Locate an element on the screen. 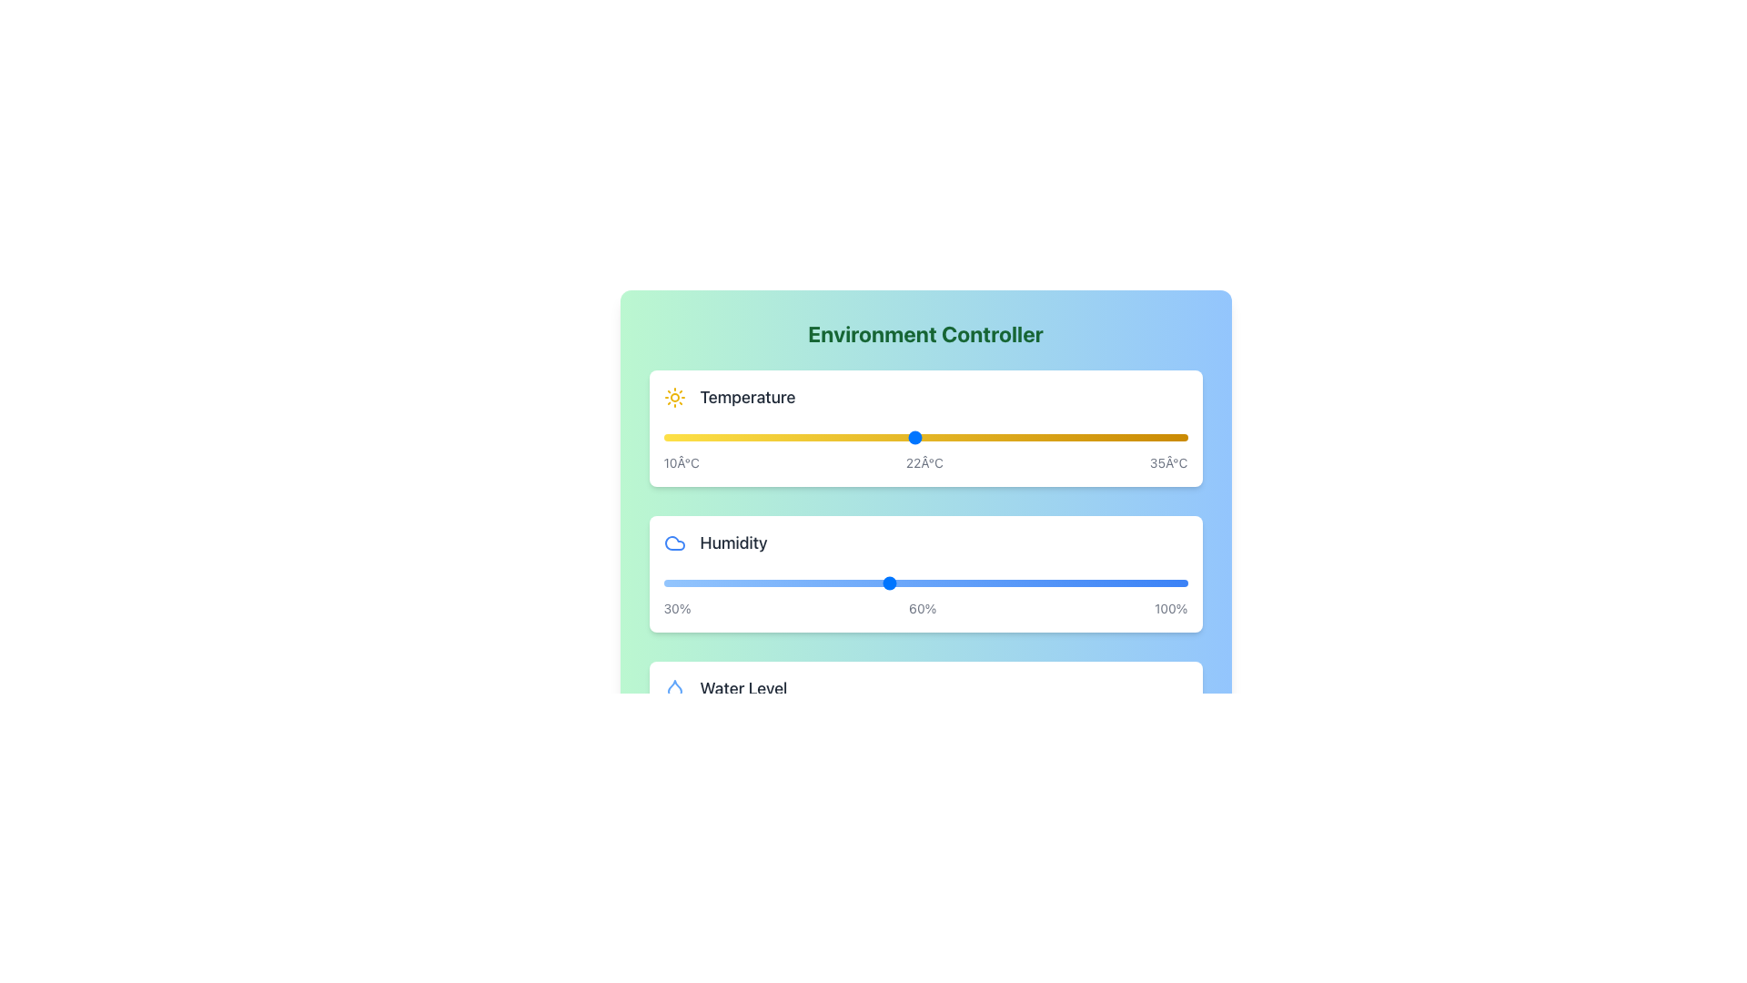 This screenshot has height=983, width=1747. humidity is located at coordinates (947, 583).